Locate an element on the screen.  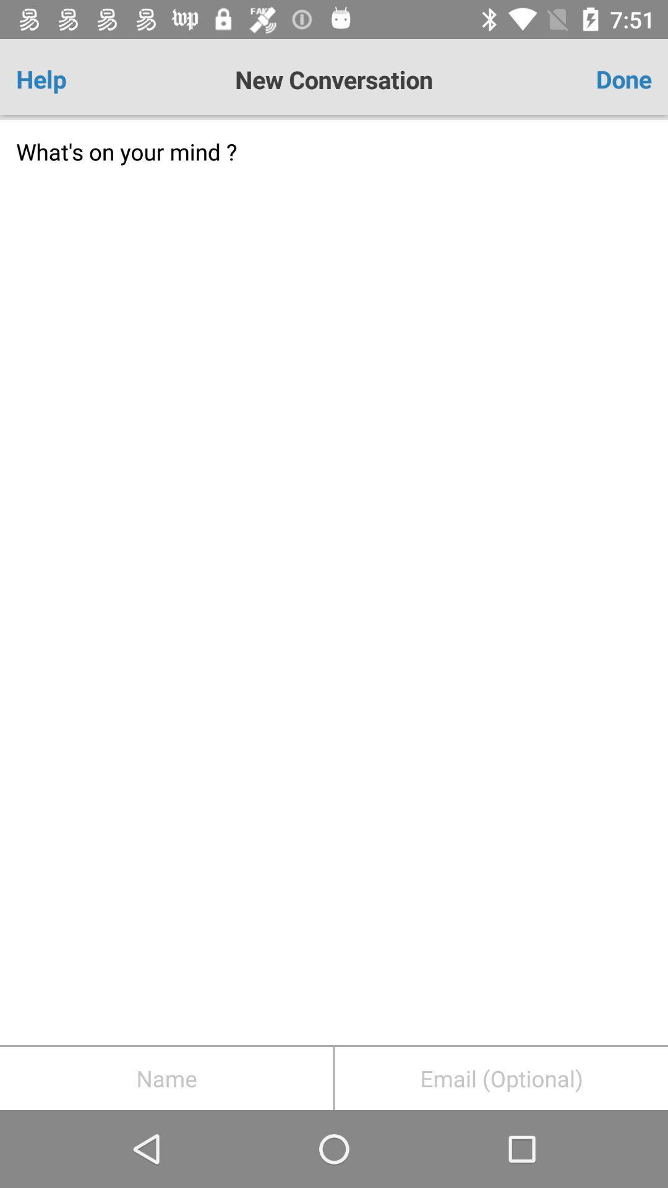
type in your conversation is located at coordinates (334, 582).